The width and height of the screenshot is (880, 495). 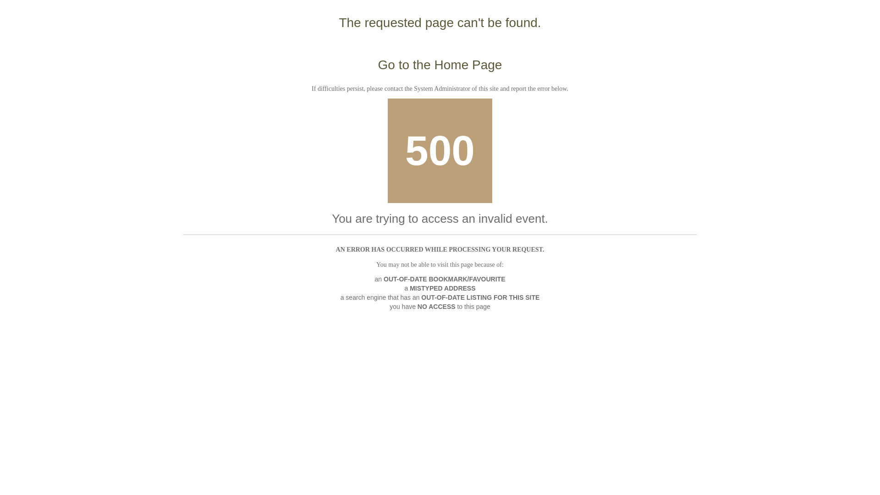 I want to click on 'Go to the Home Page', so click(x=440, y=64).